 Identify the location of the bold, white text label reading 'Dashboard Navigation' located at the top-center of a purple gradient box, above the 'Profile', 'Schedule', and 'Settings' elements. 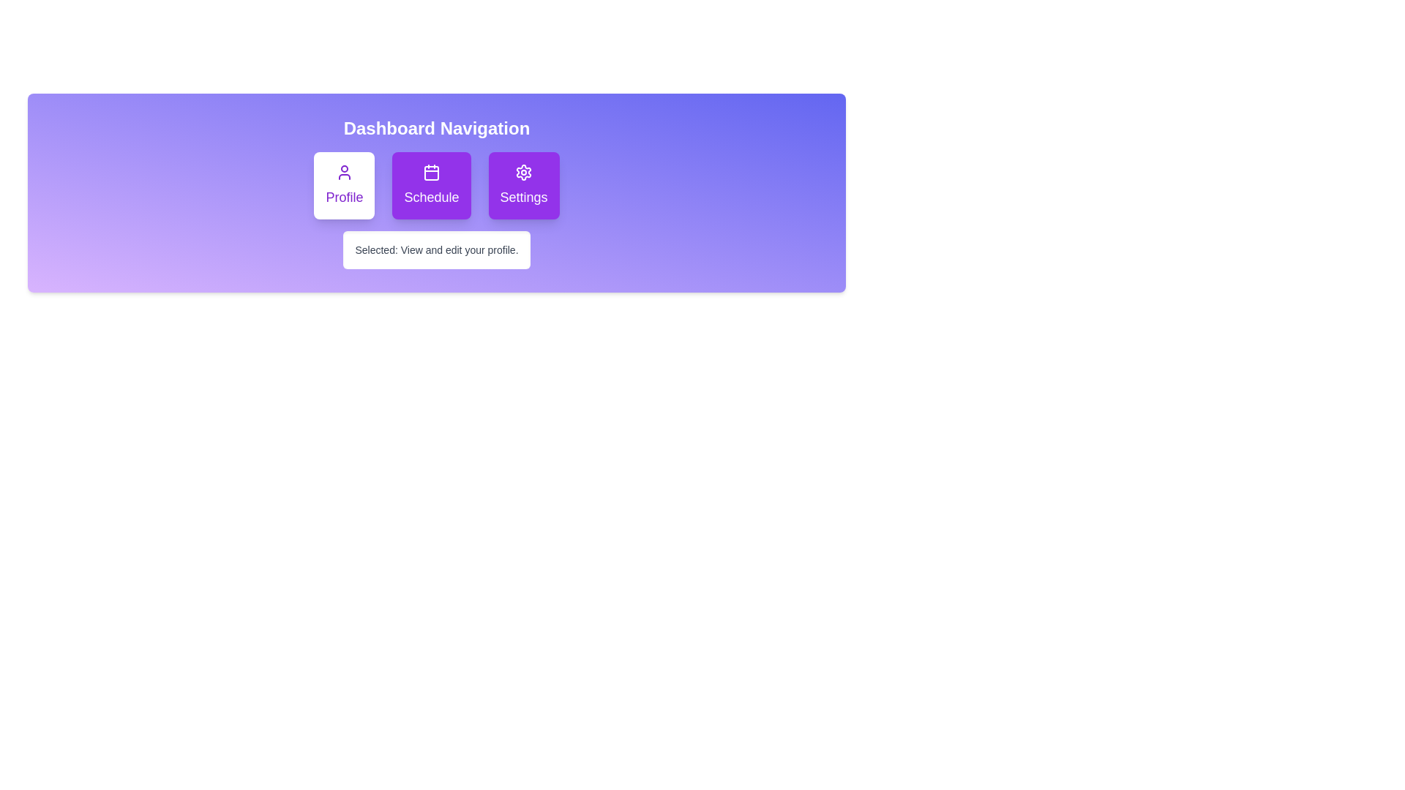
(435, 128).